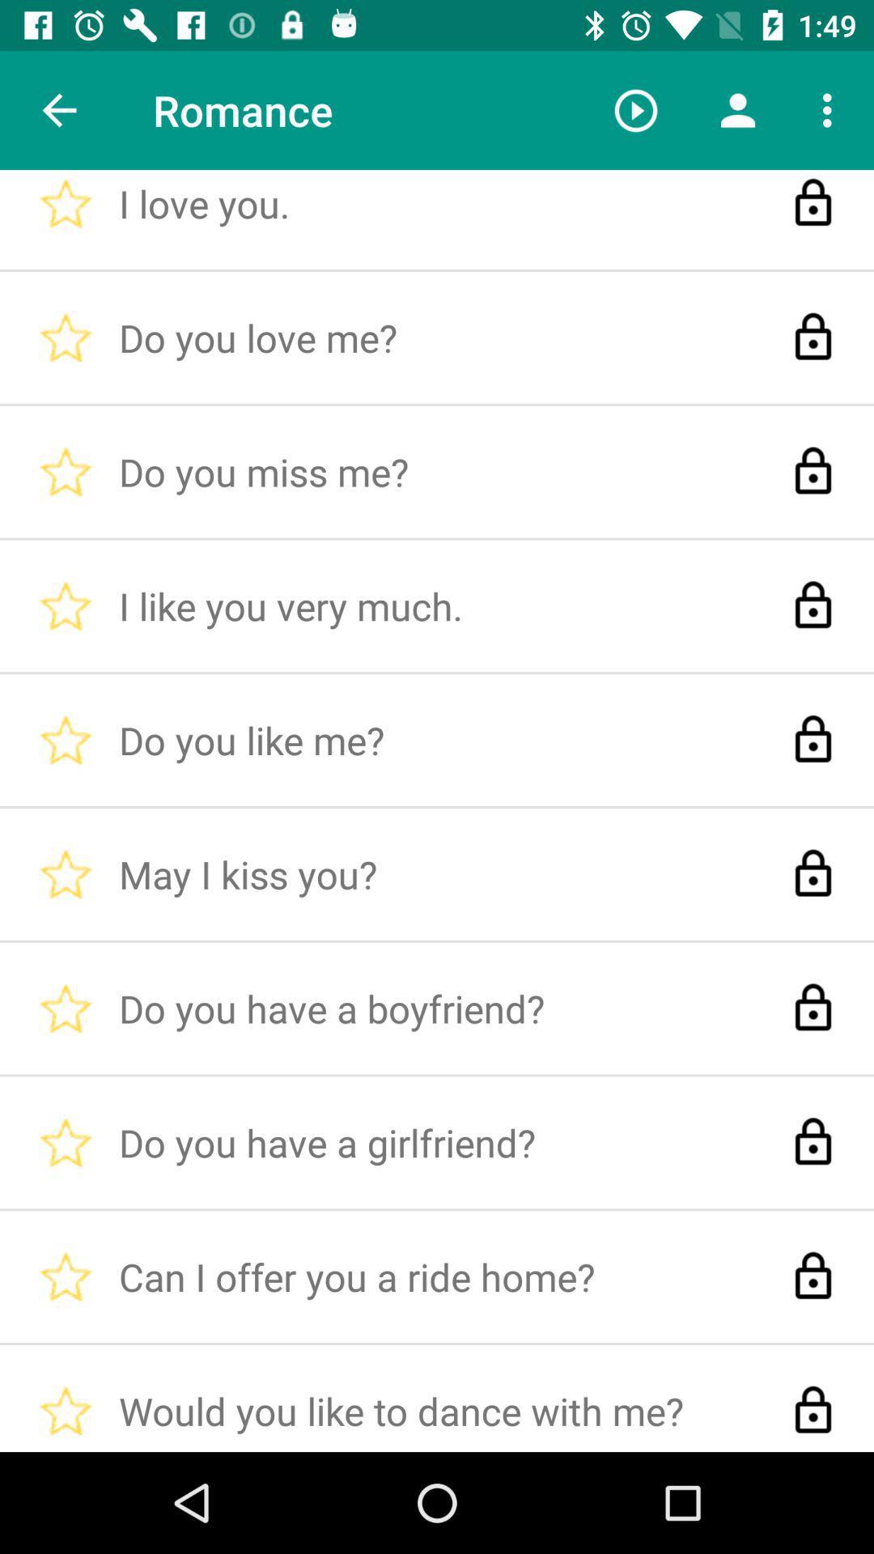  What do you see at coordinates (58, 109) in the screenshot?
I see `the item next to the i love you. item` at bounding box center [58, 109].